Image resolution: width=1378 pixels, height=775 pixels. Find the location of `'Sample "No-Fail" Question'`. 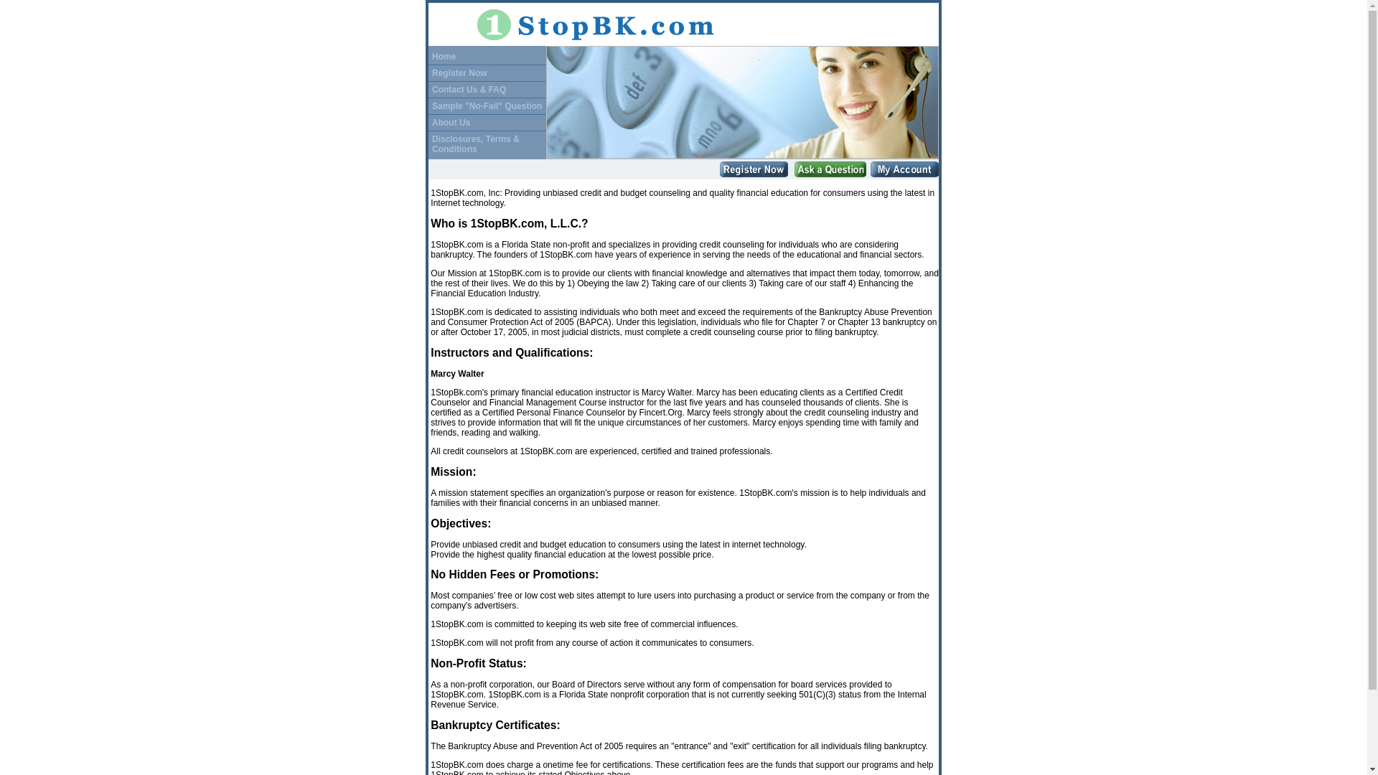

'Sample "No-Fail" Question' is located at coordinates (487, 104).